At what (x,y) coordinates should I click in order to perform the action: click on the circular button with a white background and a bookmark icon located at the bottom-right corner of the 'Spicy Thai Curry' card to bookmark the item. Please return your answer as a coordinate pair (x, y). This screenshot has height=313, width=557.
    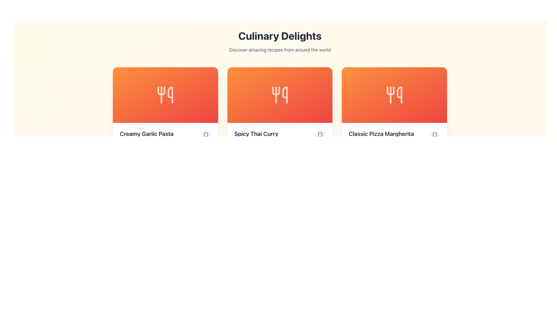
    Looking at the image, I should click on (320, 135).